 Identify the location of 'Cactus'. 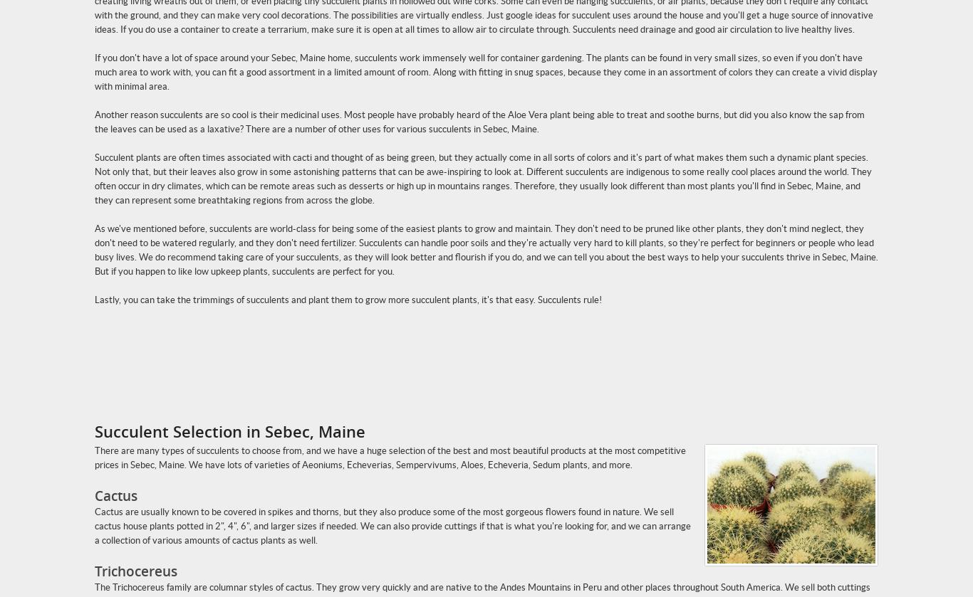
(115, 495).